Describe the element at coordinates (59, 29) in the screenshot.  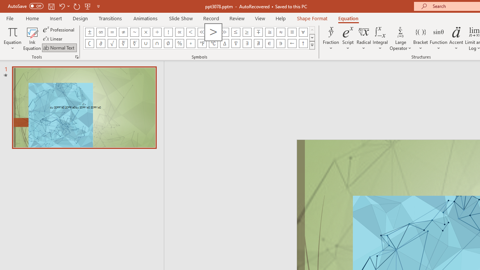
I see `'Professional'` at that location.